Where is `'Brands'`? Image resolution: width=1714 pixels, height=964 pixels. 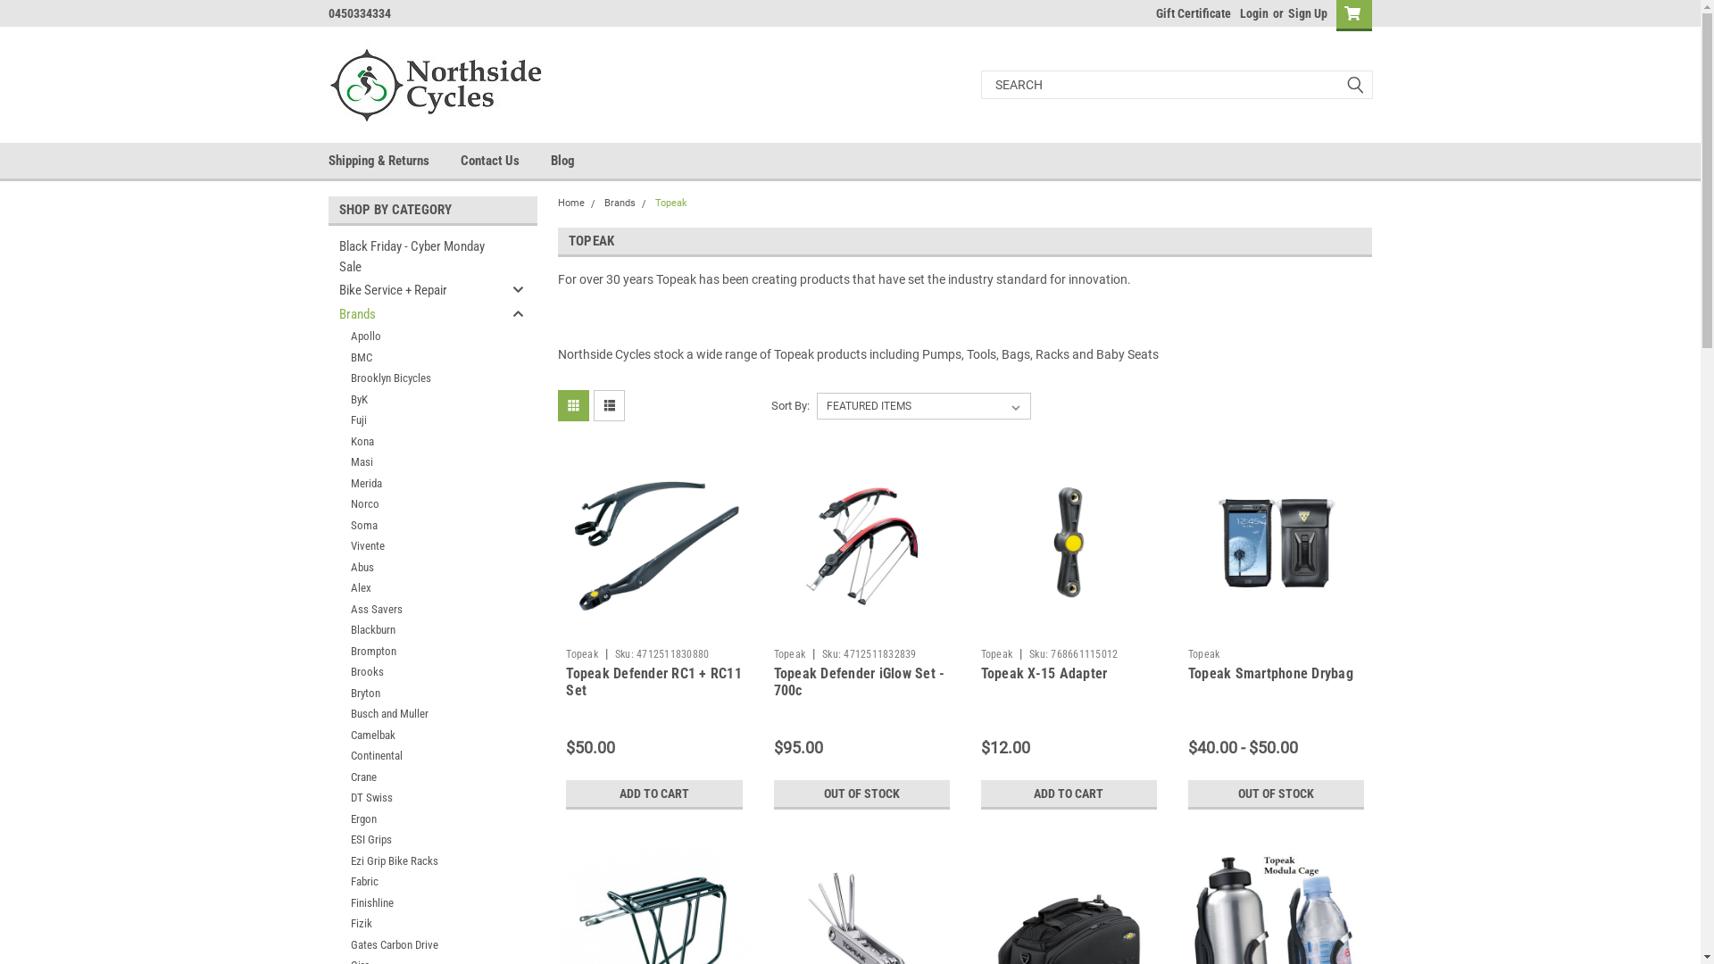 'Brands' is located at coordinates (416, 312).